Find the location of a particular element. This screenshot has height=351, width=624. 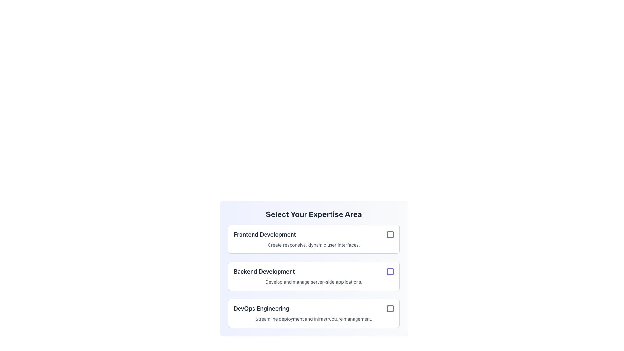

the descriptive text element providing information about the 'Backend Development' expertise area, located at the bottom of its section is located at coordinates (314, 281).